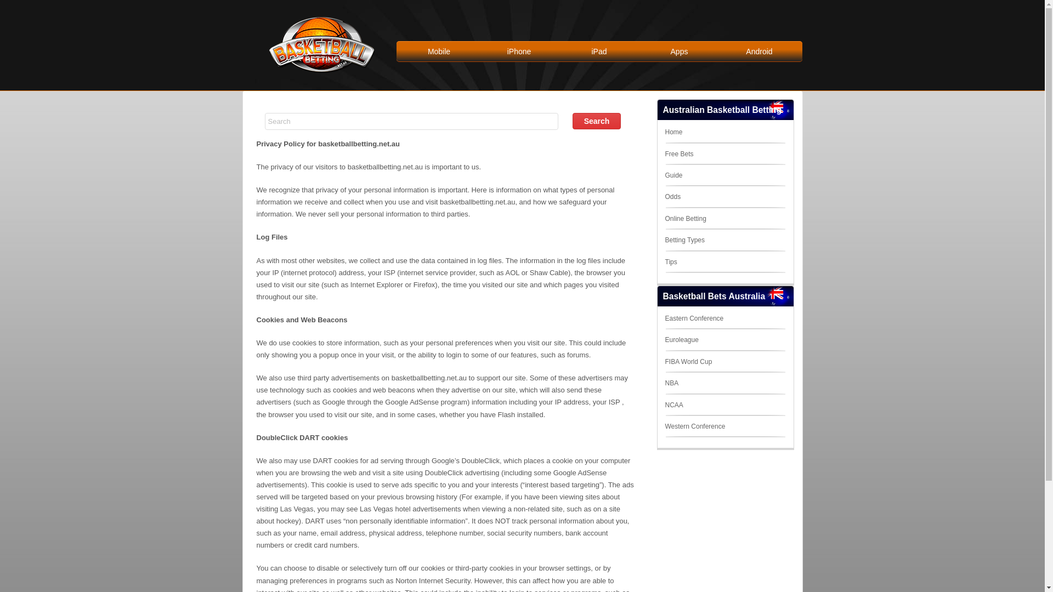 This screenshot has height=592, width=1053. What do you see at coordinates (599, 51) in the screenshot?
I see `'iPad'` at bounding box center [599, 51].